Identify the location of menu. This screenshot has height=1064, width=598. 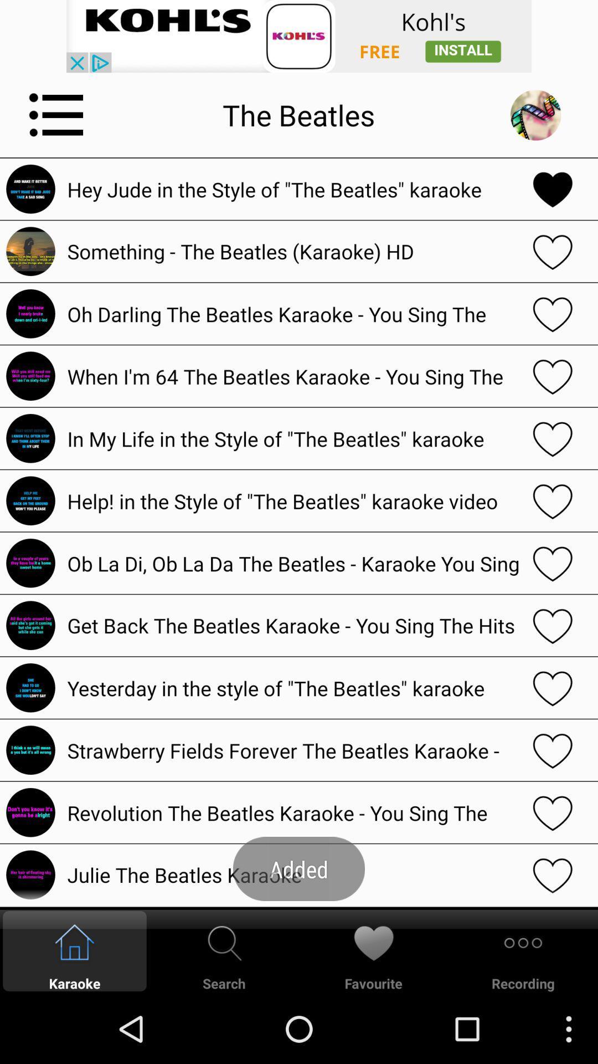
(56, 115).